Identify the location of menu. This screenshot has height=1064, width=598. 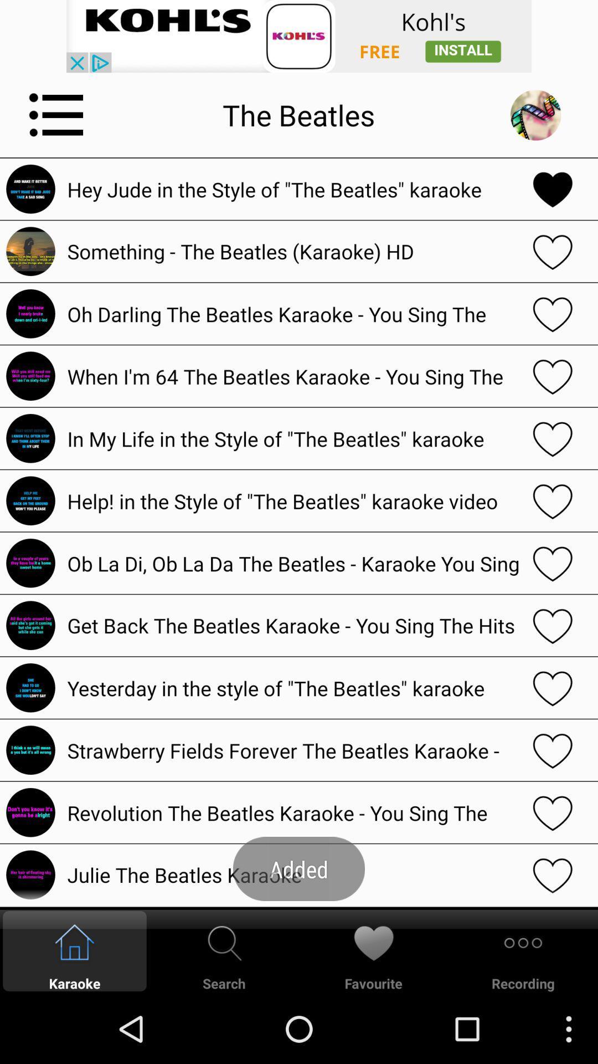
(56, 115).